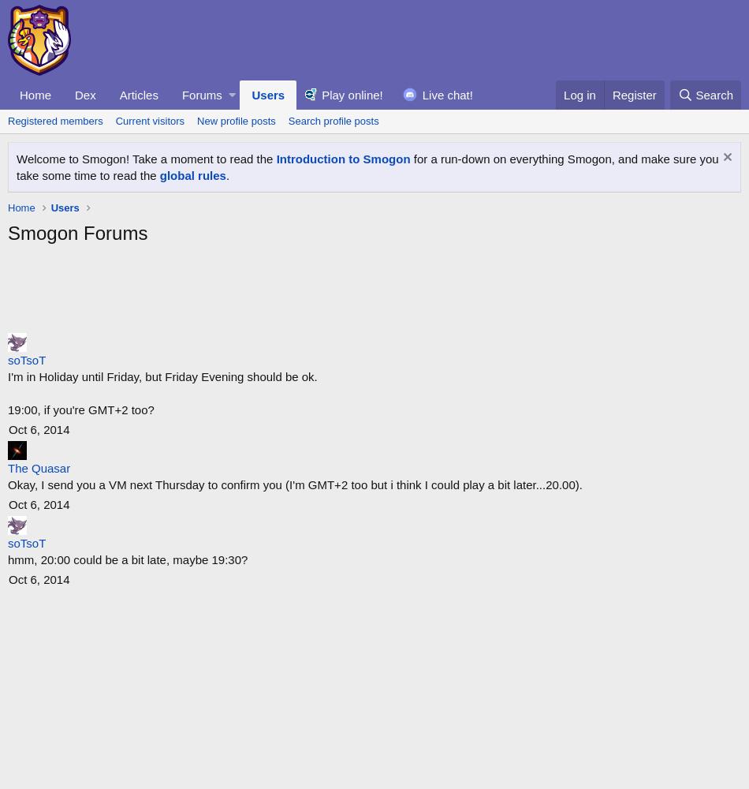  Describe the element at coordinates (162, 376) in the screenshot. I see `'I'm in Holiday until Friday,  but Friday Evening should be ok.'` at that location.